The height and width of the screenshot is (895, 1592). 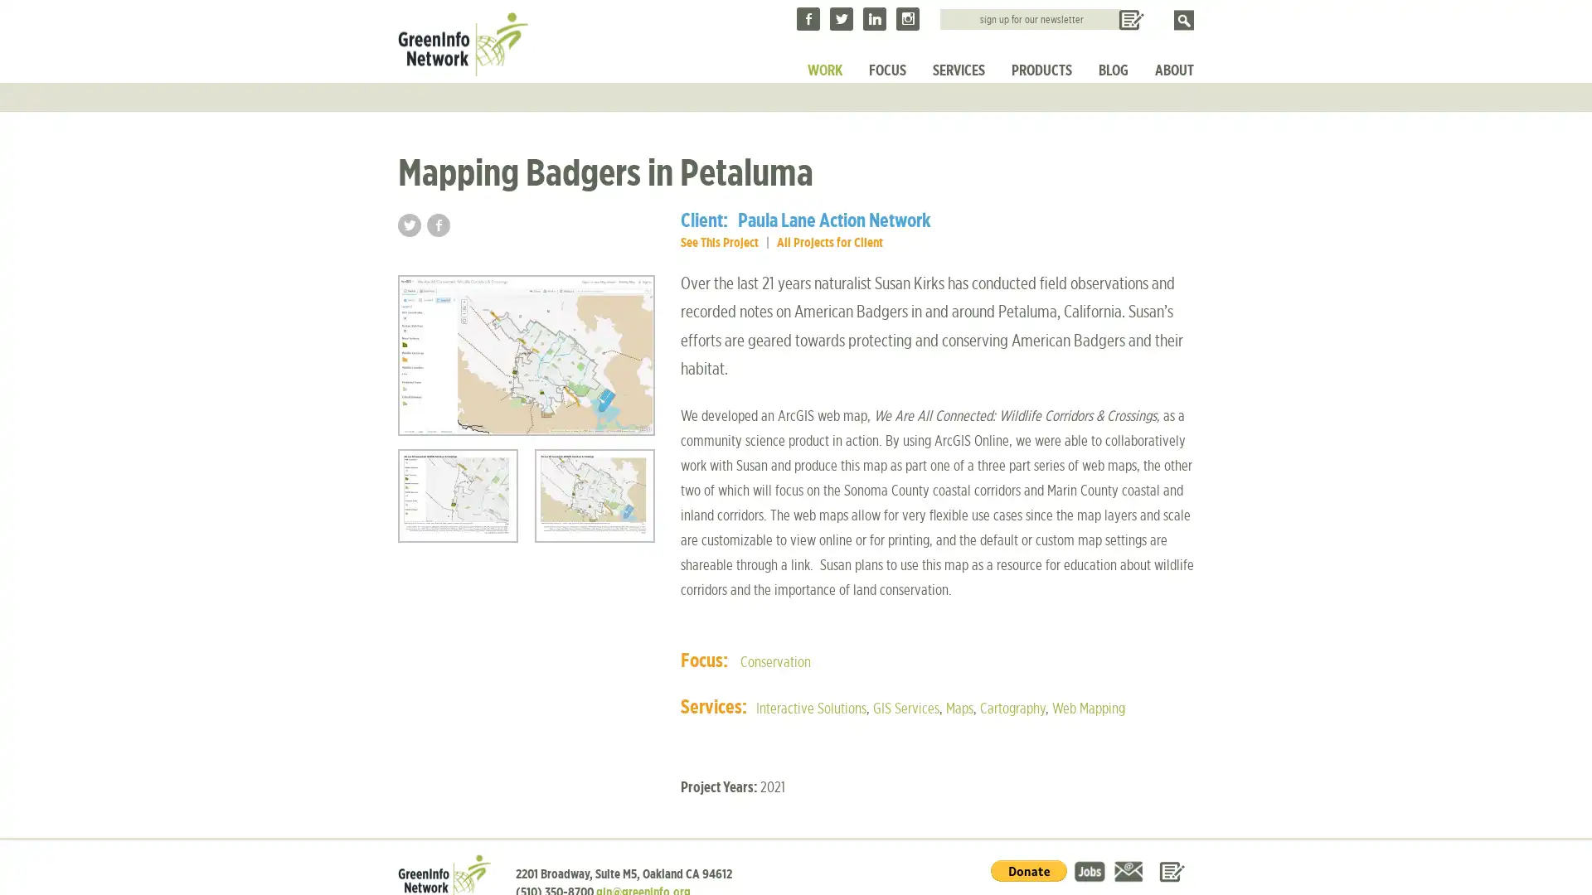 What do you see at coordinates (1028, 868) in the screenshot?
I see `Donate with PayPal button` at bounding box center [1028, 868].